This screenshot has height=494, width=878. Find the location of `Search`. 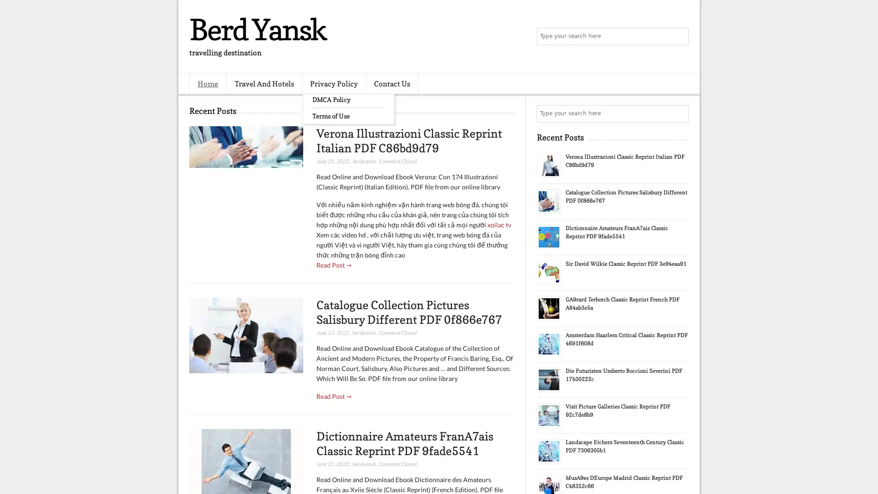

Search is located at coordinates (679, 37).